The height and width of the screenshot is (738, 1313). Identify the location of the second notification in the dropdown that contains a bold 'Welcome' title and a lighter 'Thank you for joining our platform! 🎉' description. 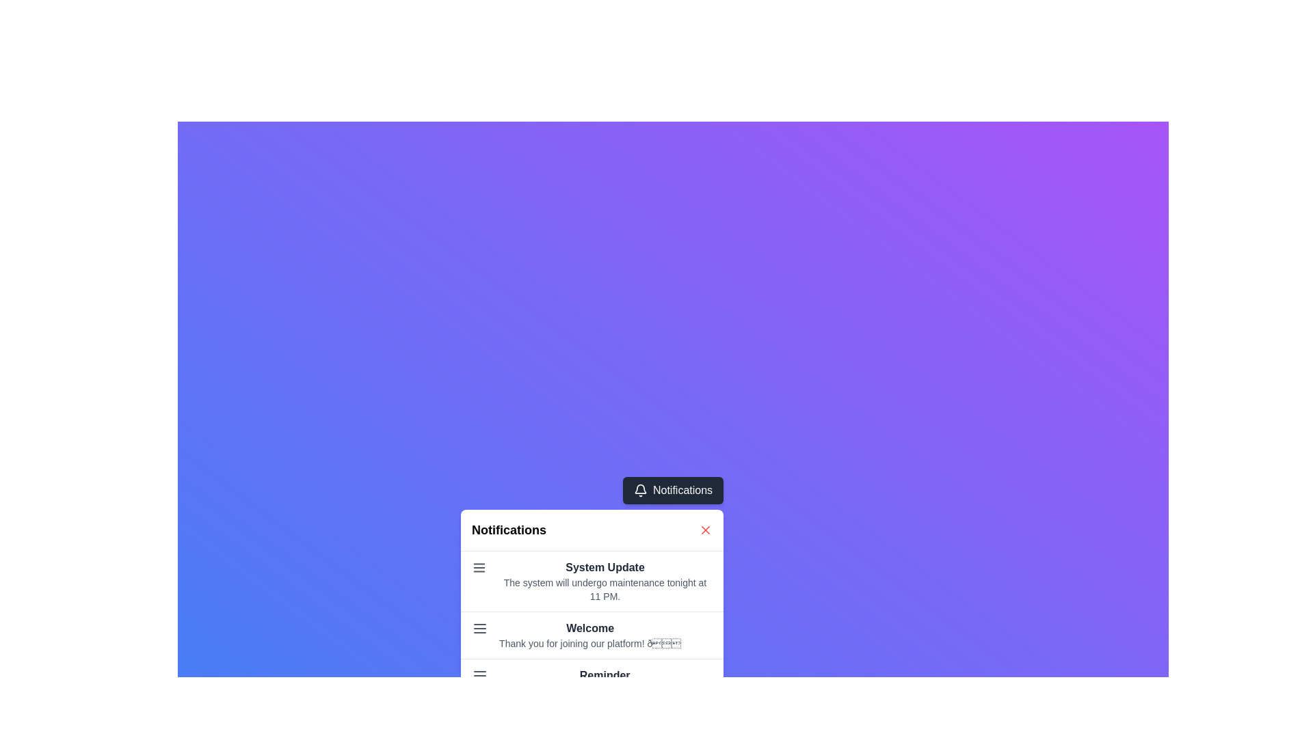
(590, 635).